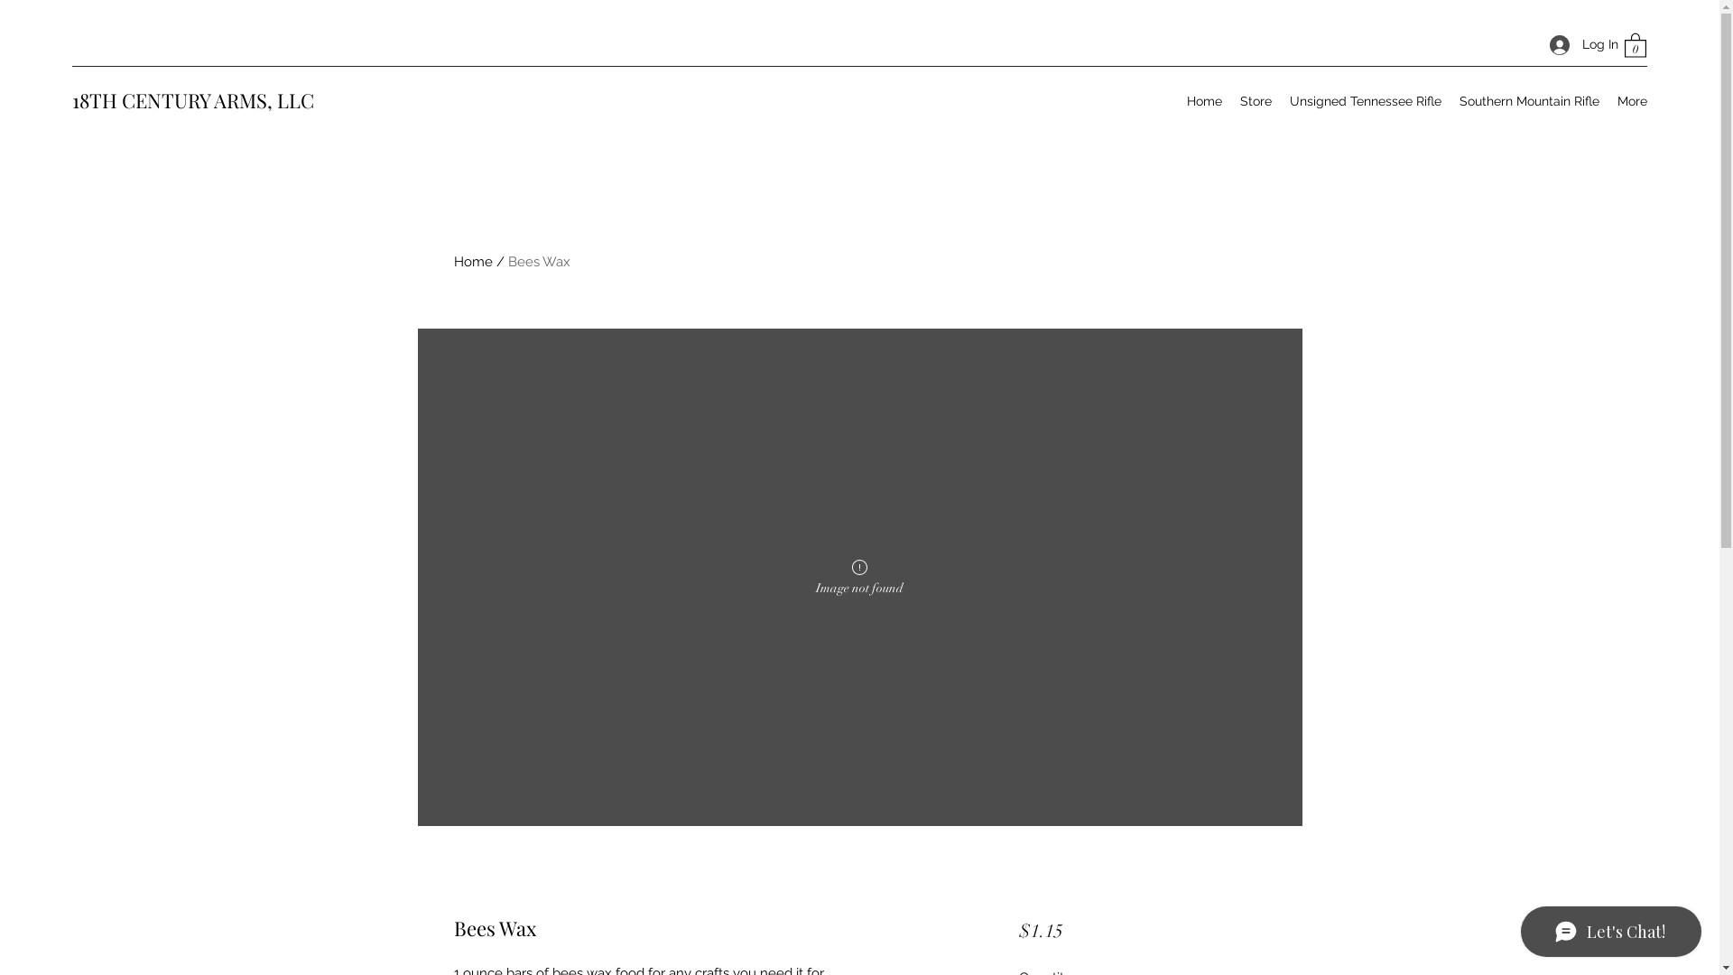 This screenshot has width=1733, height=975. I want to click on 'Home', so click(453, 261).